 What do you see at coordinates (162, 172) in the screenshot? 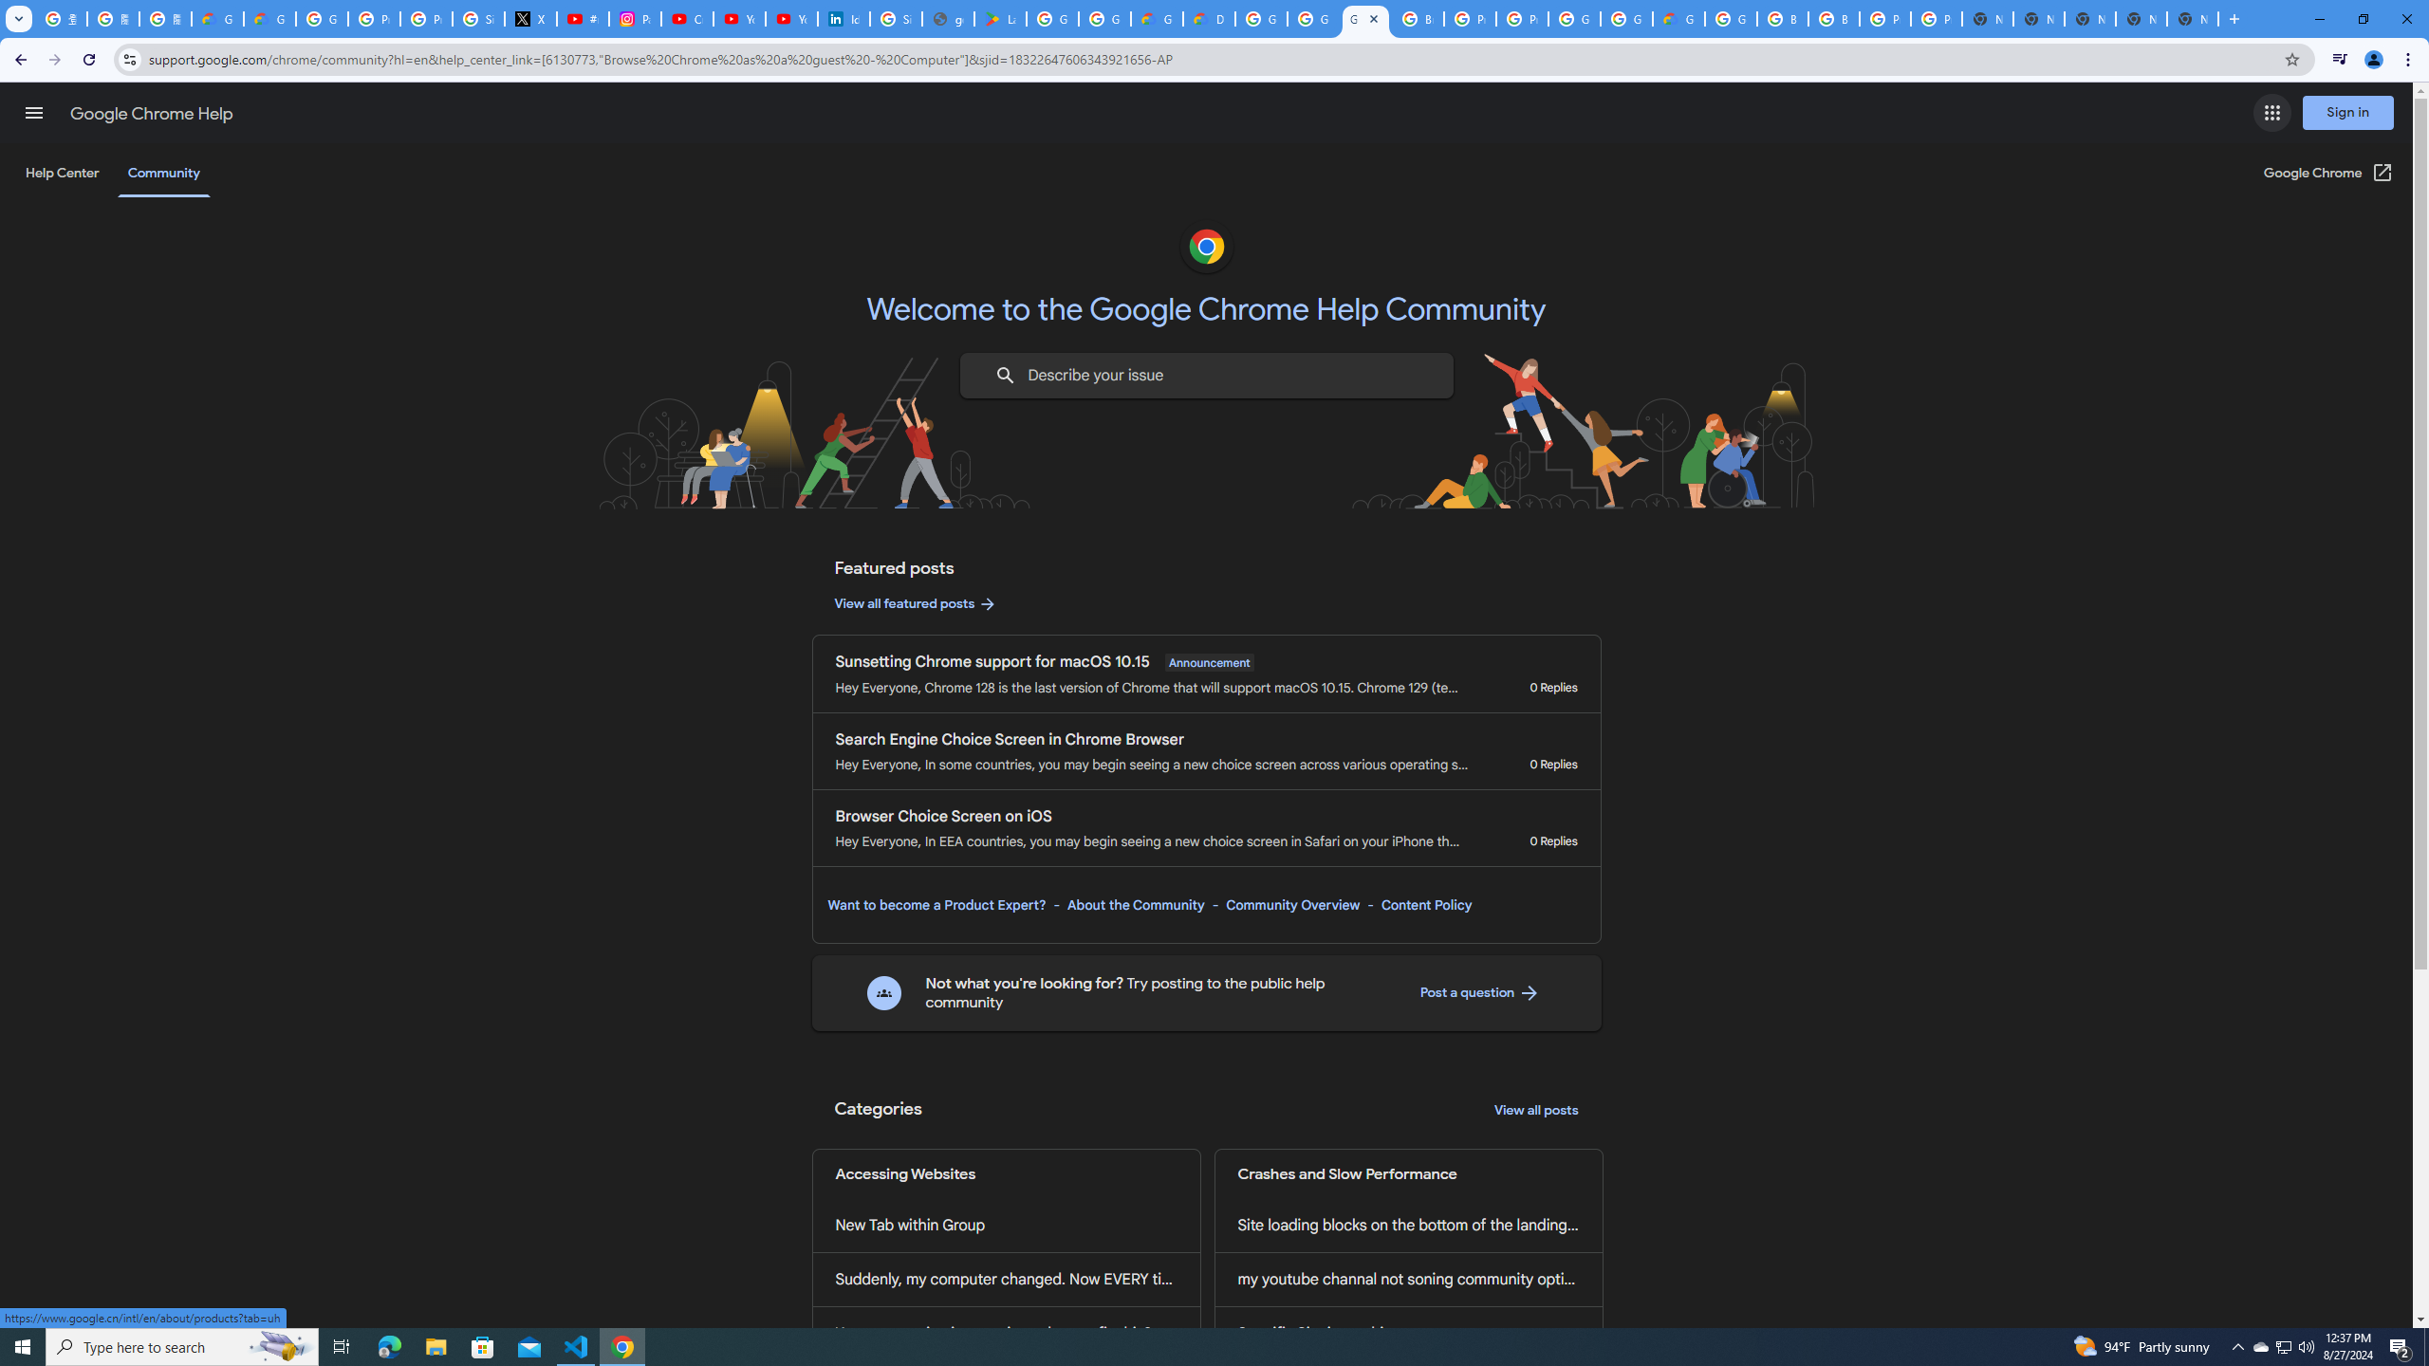
I see `'Community'` at bounding box center [162, 172].